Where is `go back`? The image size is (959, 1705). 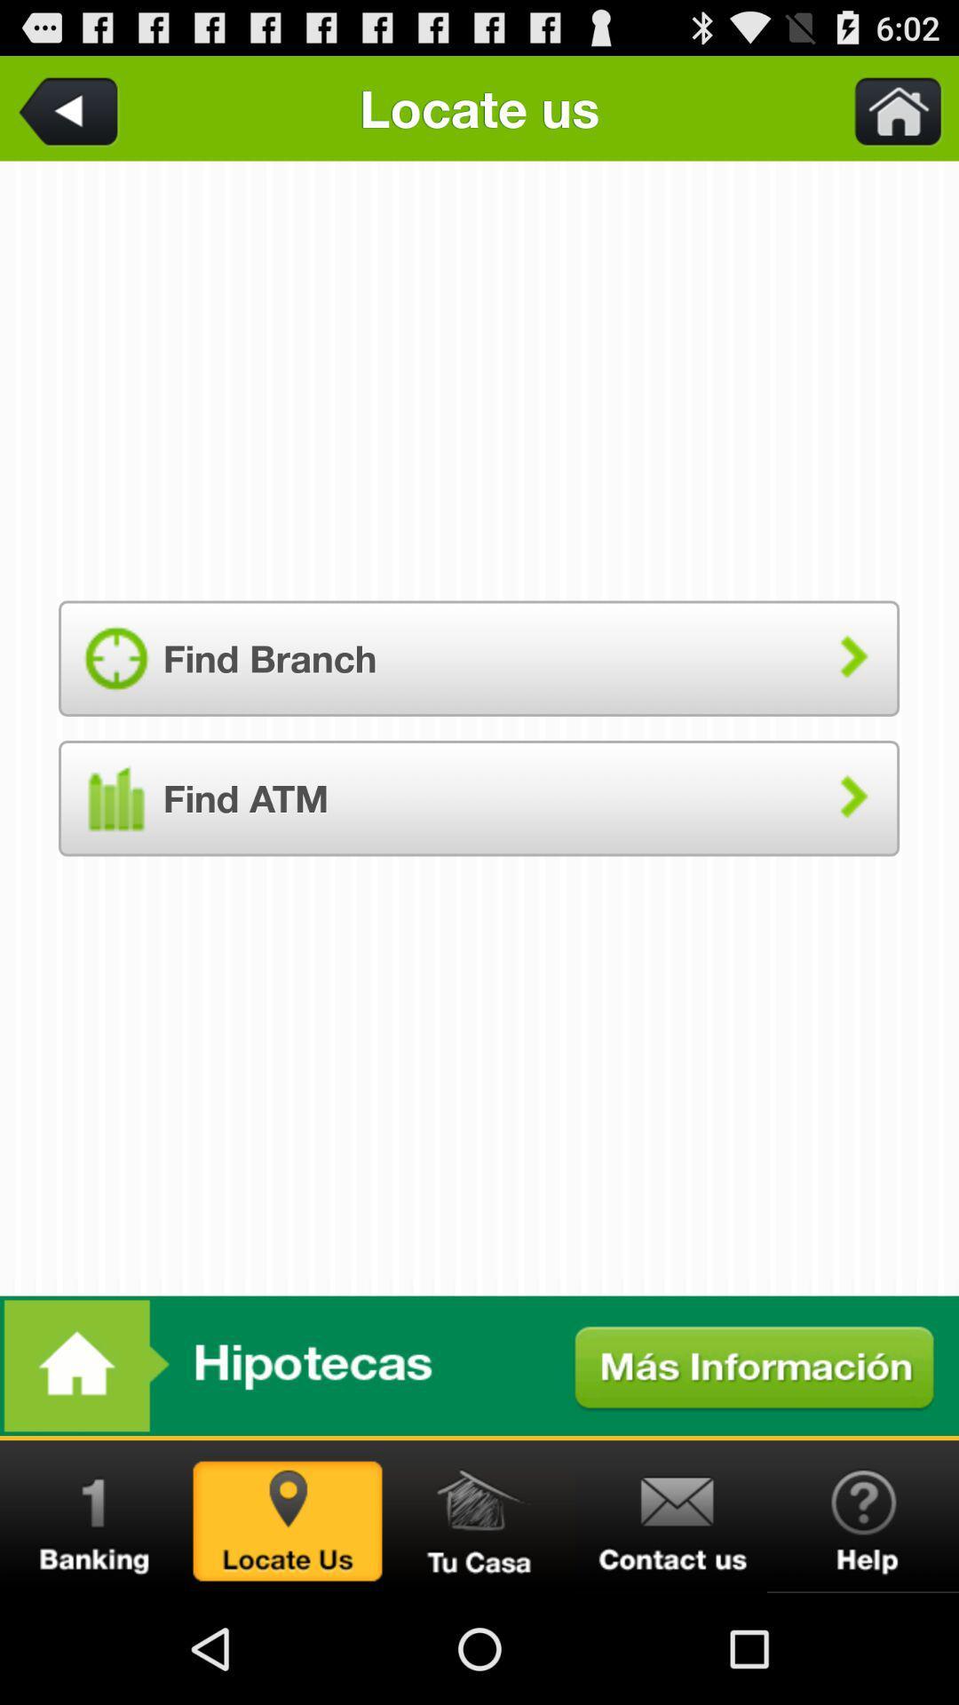
go back is located at coordinates (71, 107).